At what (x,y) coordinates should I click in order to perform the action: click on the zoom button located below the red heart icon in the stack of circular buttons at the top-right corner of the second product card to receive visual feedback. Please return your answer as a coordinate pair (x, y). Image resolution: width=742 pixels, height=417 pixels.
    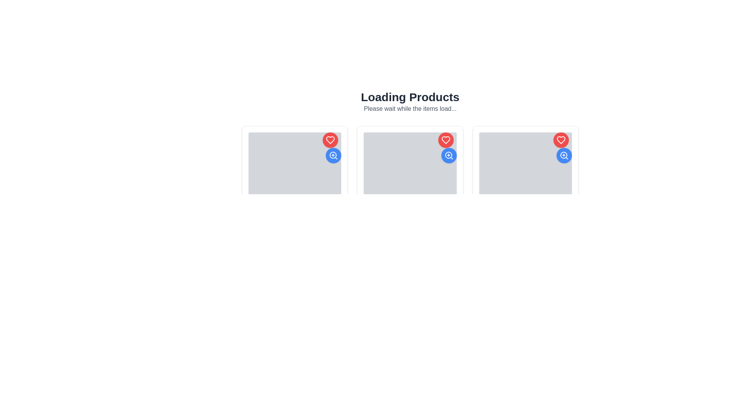
    Looking at the image, I should click on (447, 147).